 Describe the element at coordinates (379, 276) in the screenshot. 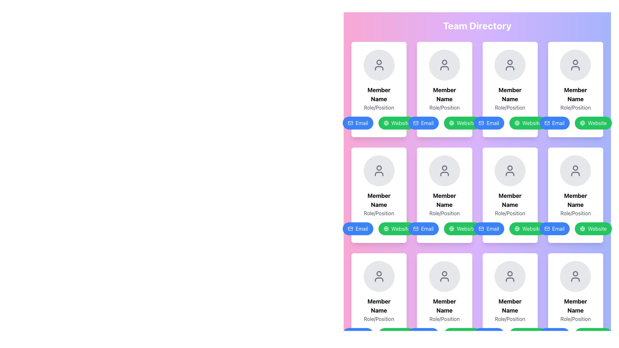

I see `the Avatar placeholder located at the top of the profile card, which serves as a profile picture or avatar for the member` at that location.